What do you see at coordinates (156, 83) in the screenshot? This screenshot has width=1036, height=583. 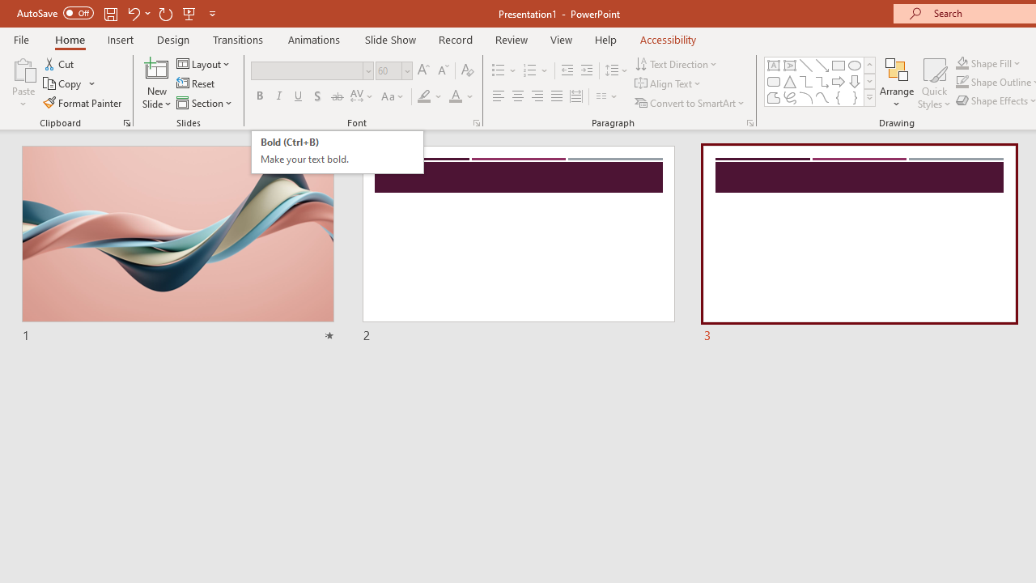 I see `'New Slide'` at bounding box center [156, 83].